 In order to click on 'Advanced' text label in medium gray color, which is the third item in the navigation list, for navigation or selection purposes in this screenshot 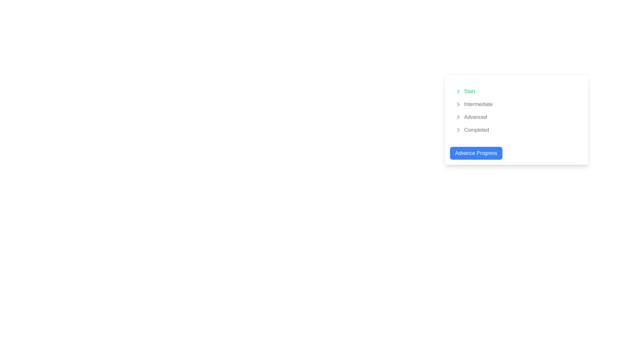, I will do `click(475, 117)`.